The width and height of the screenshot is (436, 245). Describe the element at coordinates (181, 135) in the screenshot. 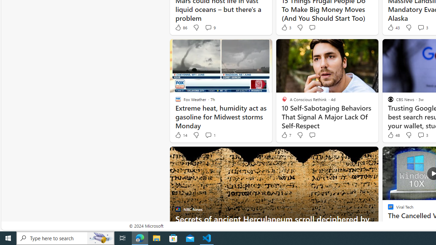

I see `'14 Like'` at that location.